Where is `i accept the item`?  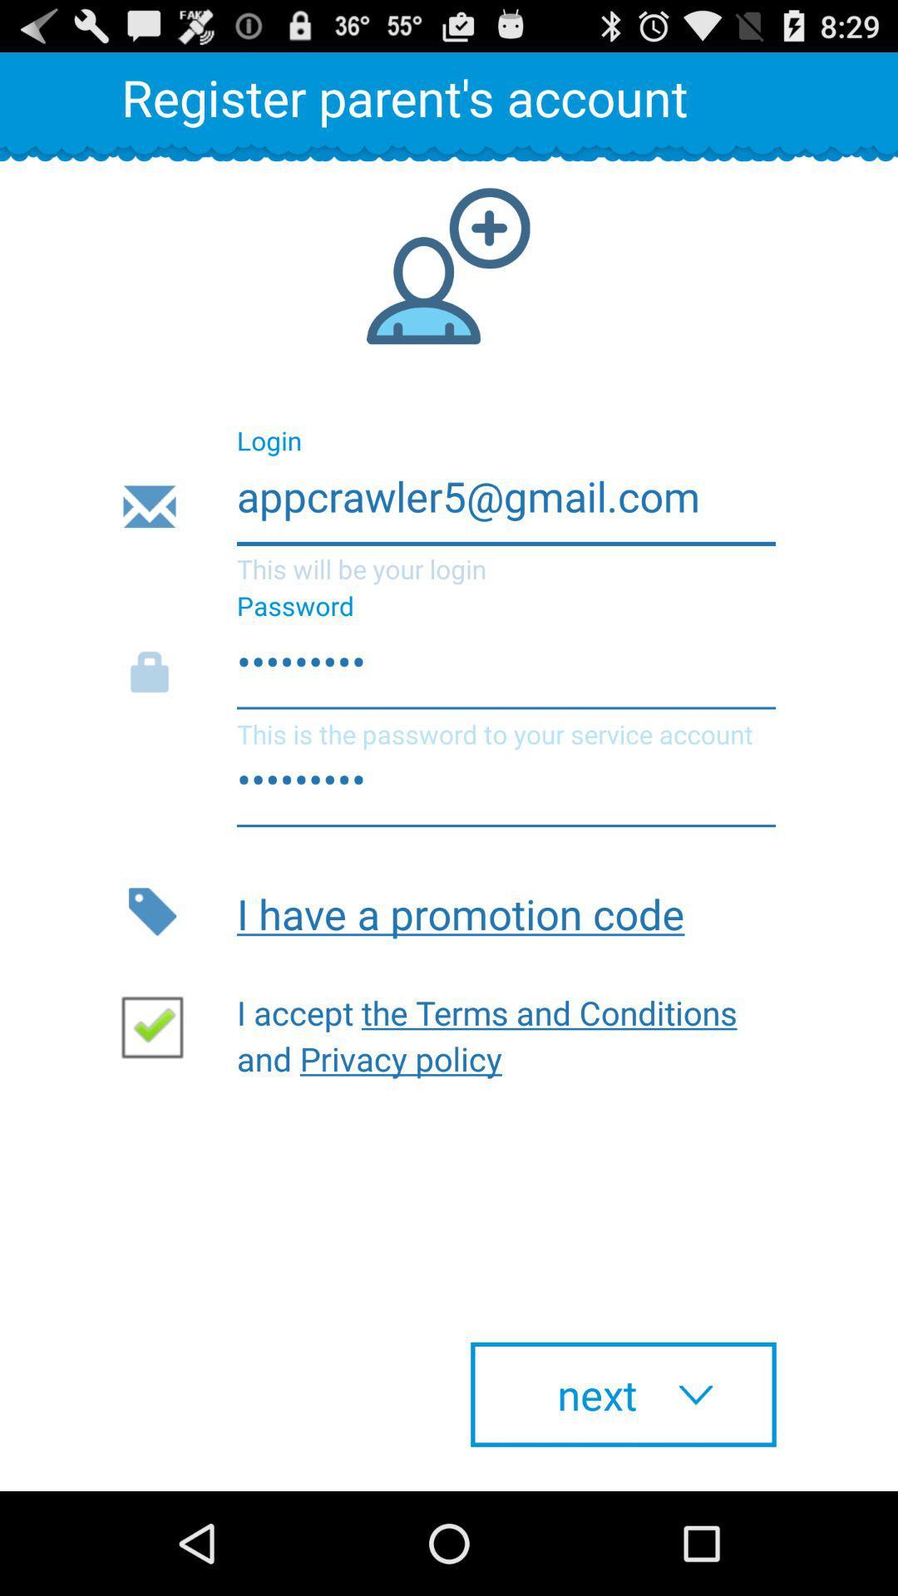 i accept the item is located at coordinates (494, 1030).